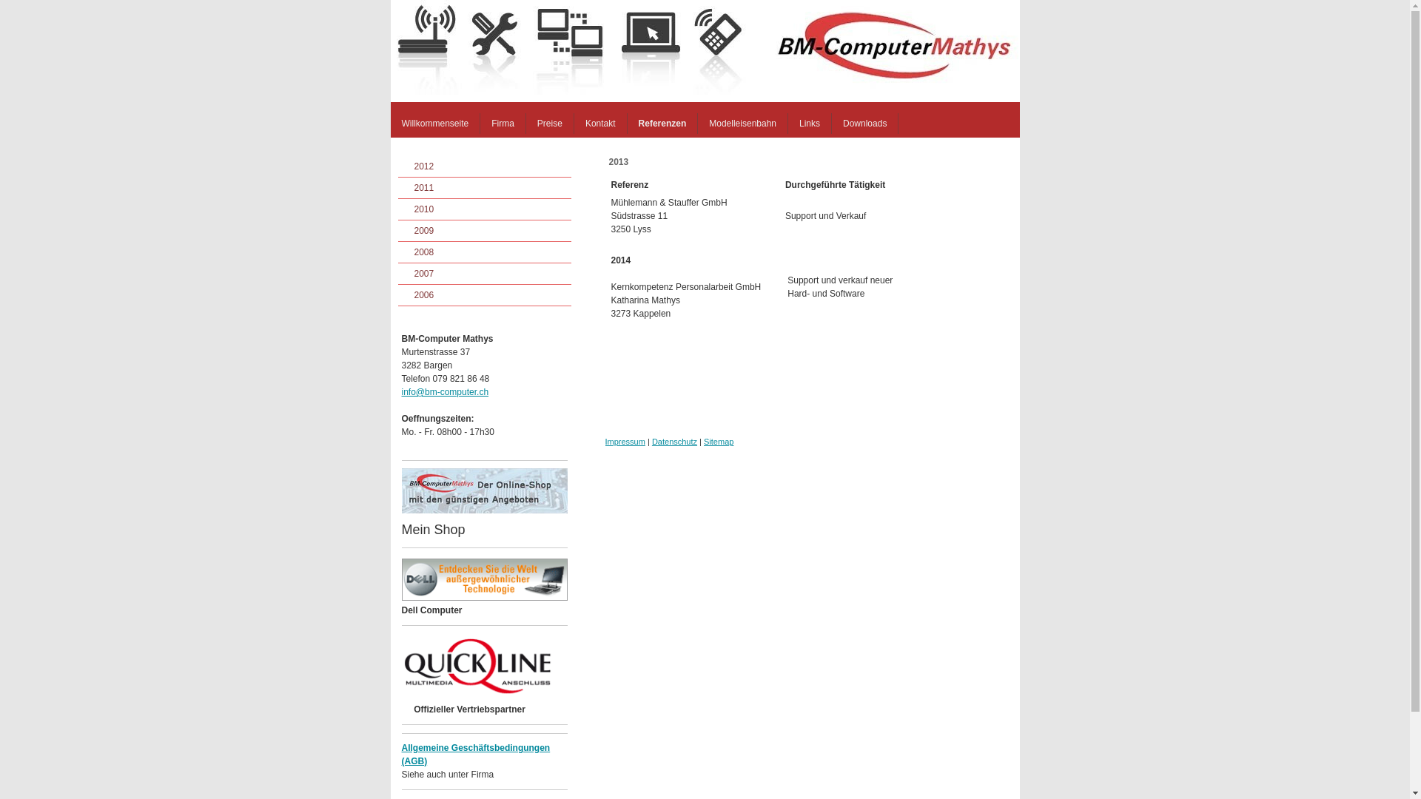  I want to click on '2009', so click(484, 231).